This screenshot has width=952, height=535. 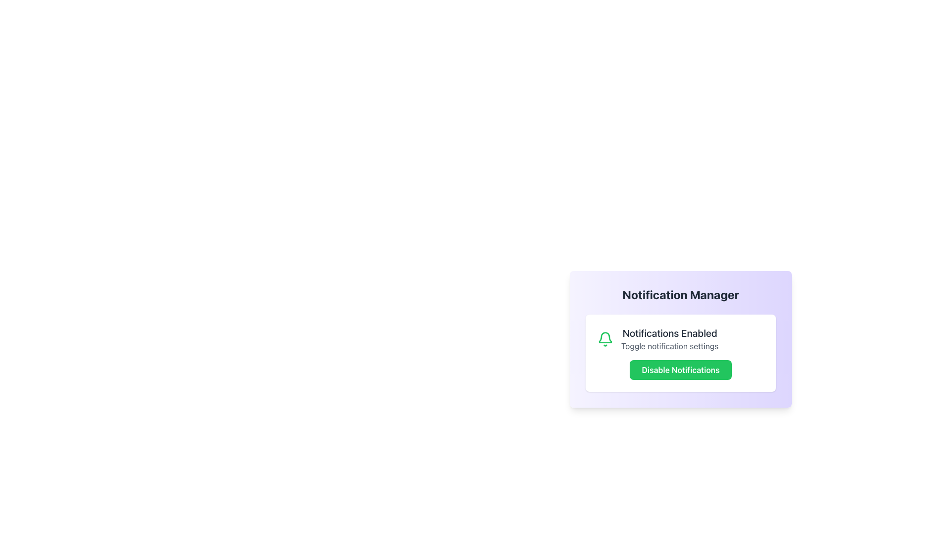 What do you see at coordinates (680, 339) in the screenshot?
I see `the informational Text and icon label indicating that notifications are currently enabled, which is located at the top of a white card` at bounding box center [680, 339].